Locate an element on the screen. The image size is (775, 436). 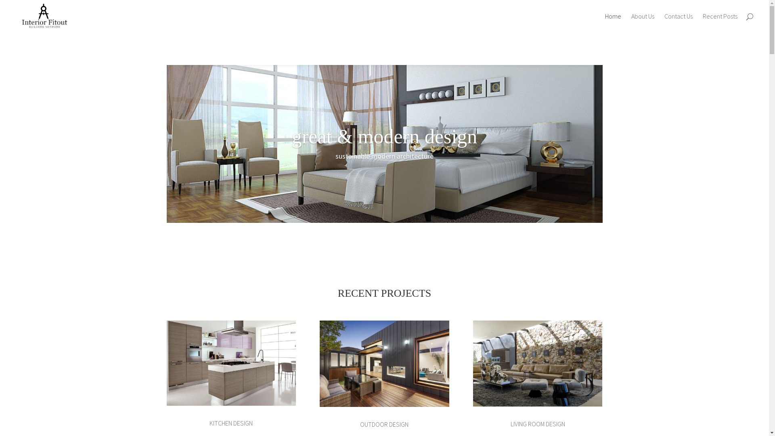
'About Us' is located at coordinates (642, 22).